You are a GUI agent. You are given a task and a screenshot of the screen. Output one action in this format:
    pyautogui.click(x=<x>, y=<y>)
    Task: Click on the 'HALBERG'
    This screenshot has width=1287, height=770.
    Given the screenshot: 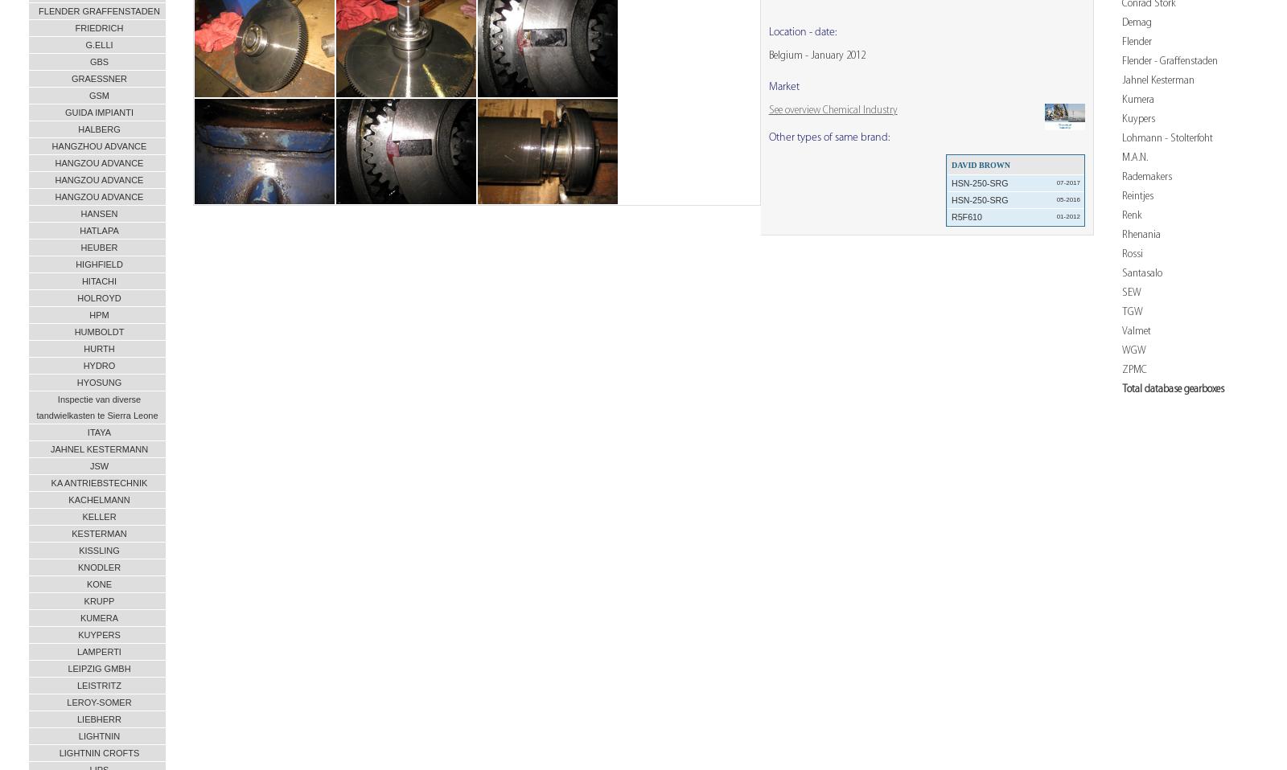 What is the action you would take?
    pyautogui.click(x=76, y=129)
    